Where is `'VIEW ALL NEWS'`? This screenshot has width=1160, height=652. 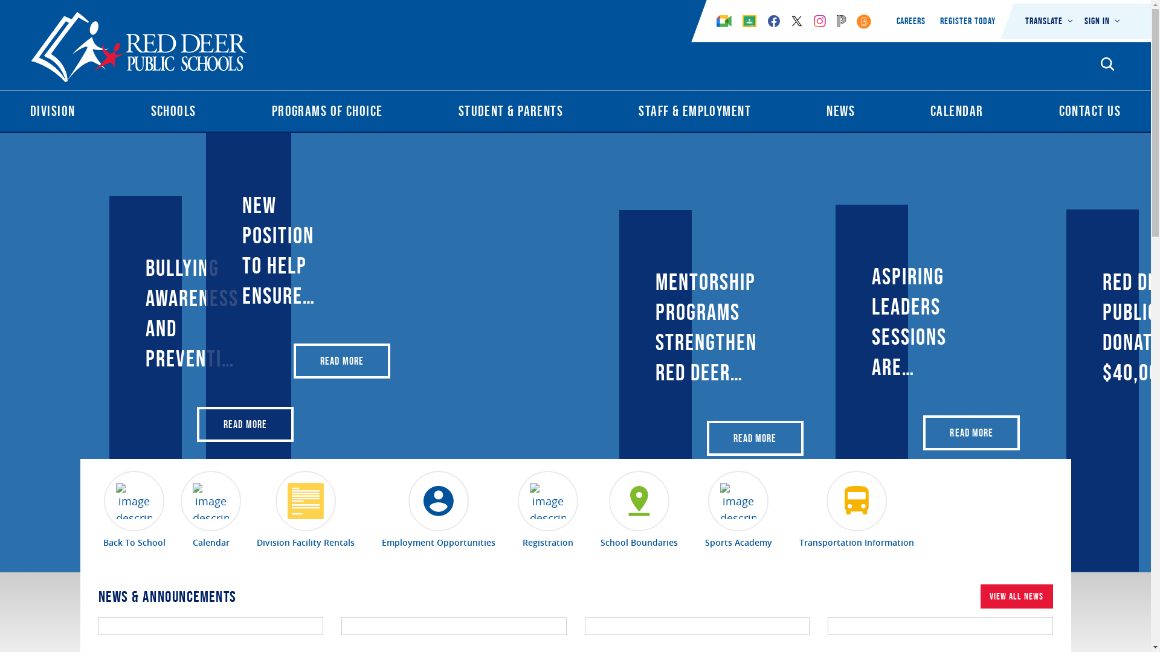 'VIEW ALL NEWS' is located at coordinates (1015, 595).